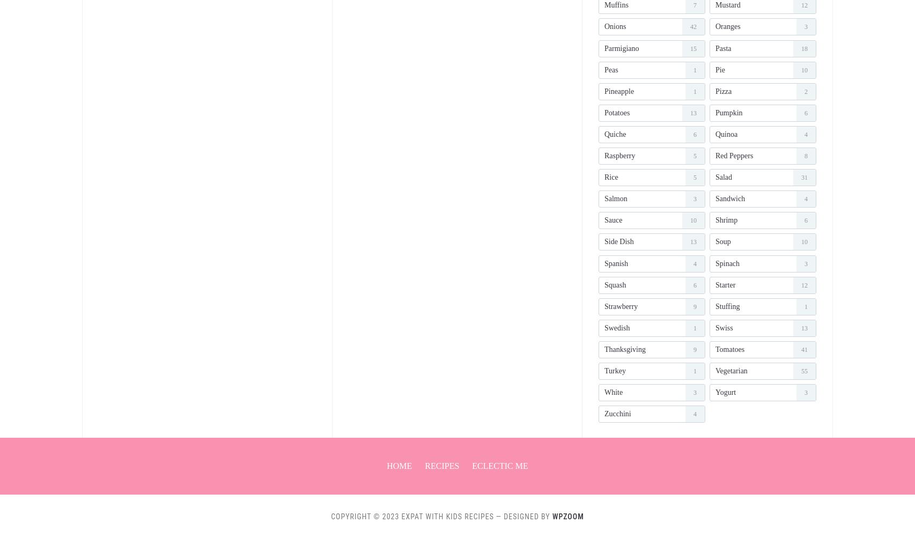  Describe the element at coordinates (714, 263) in the screenshot. I see `'spinach'` at that location.